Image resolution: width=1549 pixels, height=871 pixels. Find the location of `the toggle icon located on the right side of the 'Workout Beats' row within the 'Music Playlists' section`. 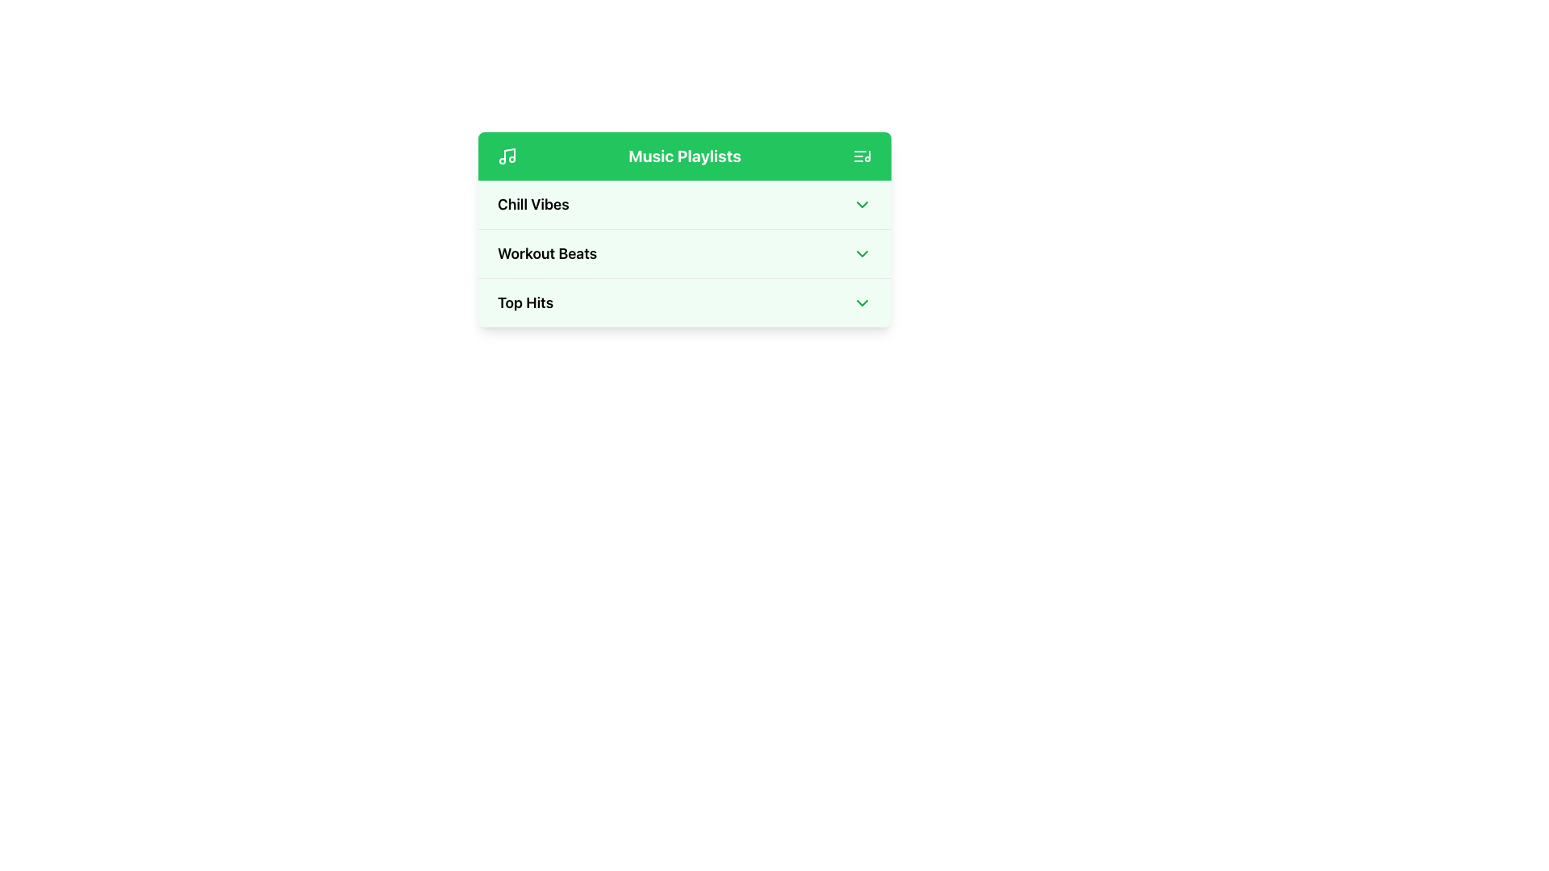

the toggle icon located on the right side of the 'Workout Beats' row within the 'Music Playlists' section is located at coordinates (862, 254).